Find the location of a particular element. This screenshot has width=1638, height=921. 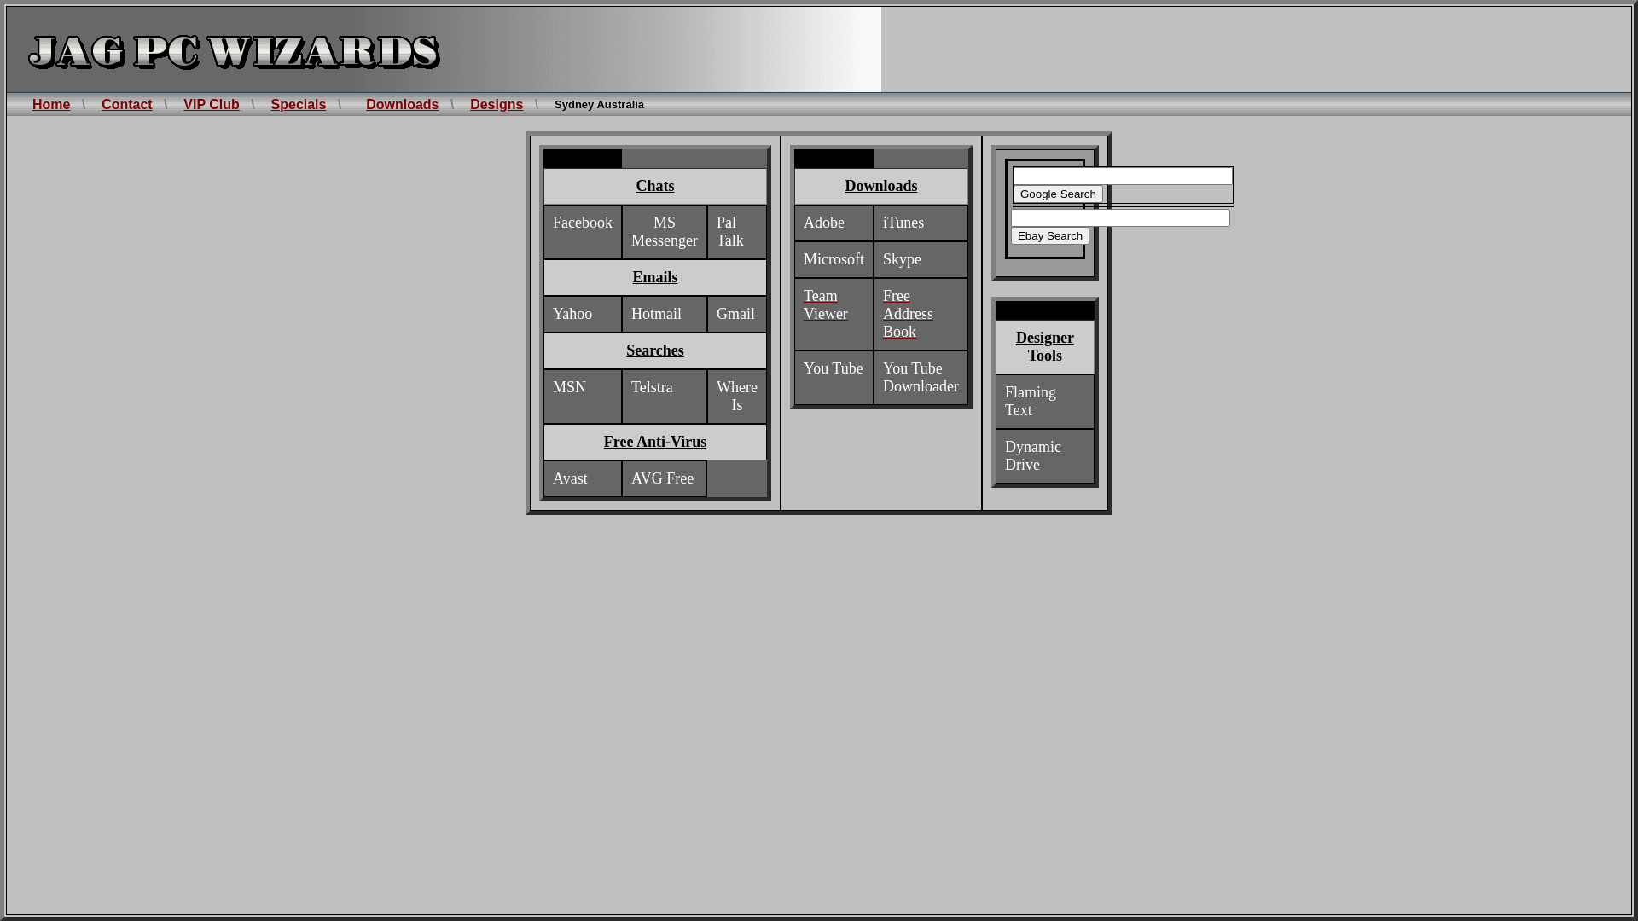

'VIP Club' is located at coordinates (211, 104).